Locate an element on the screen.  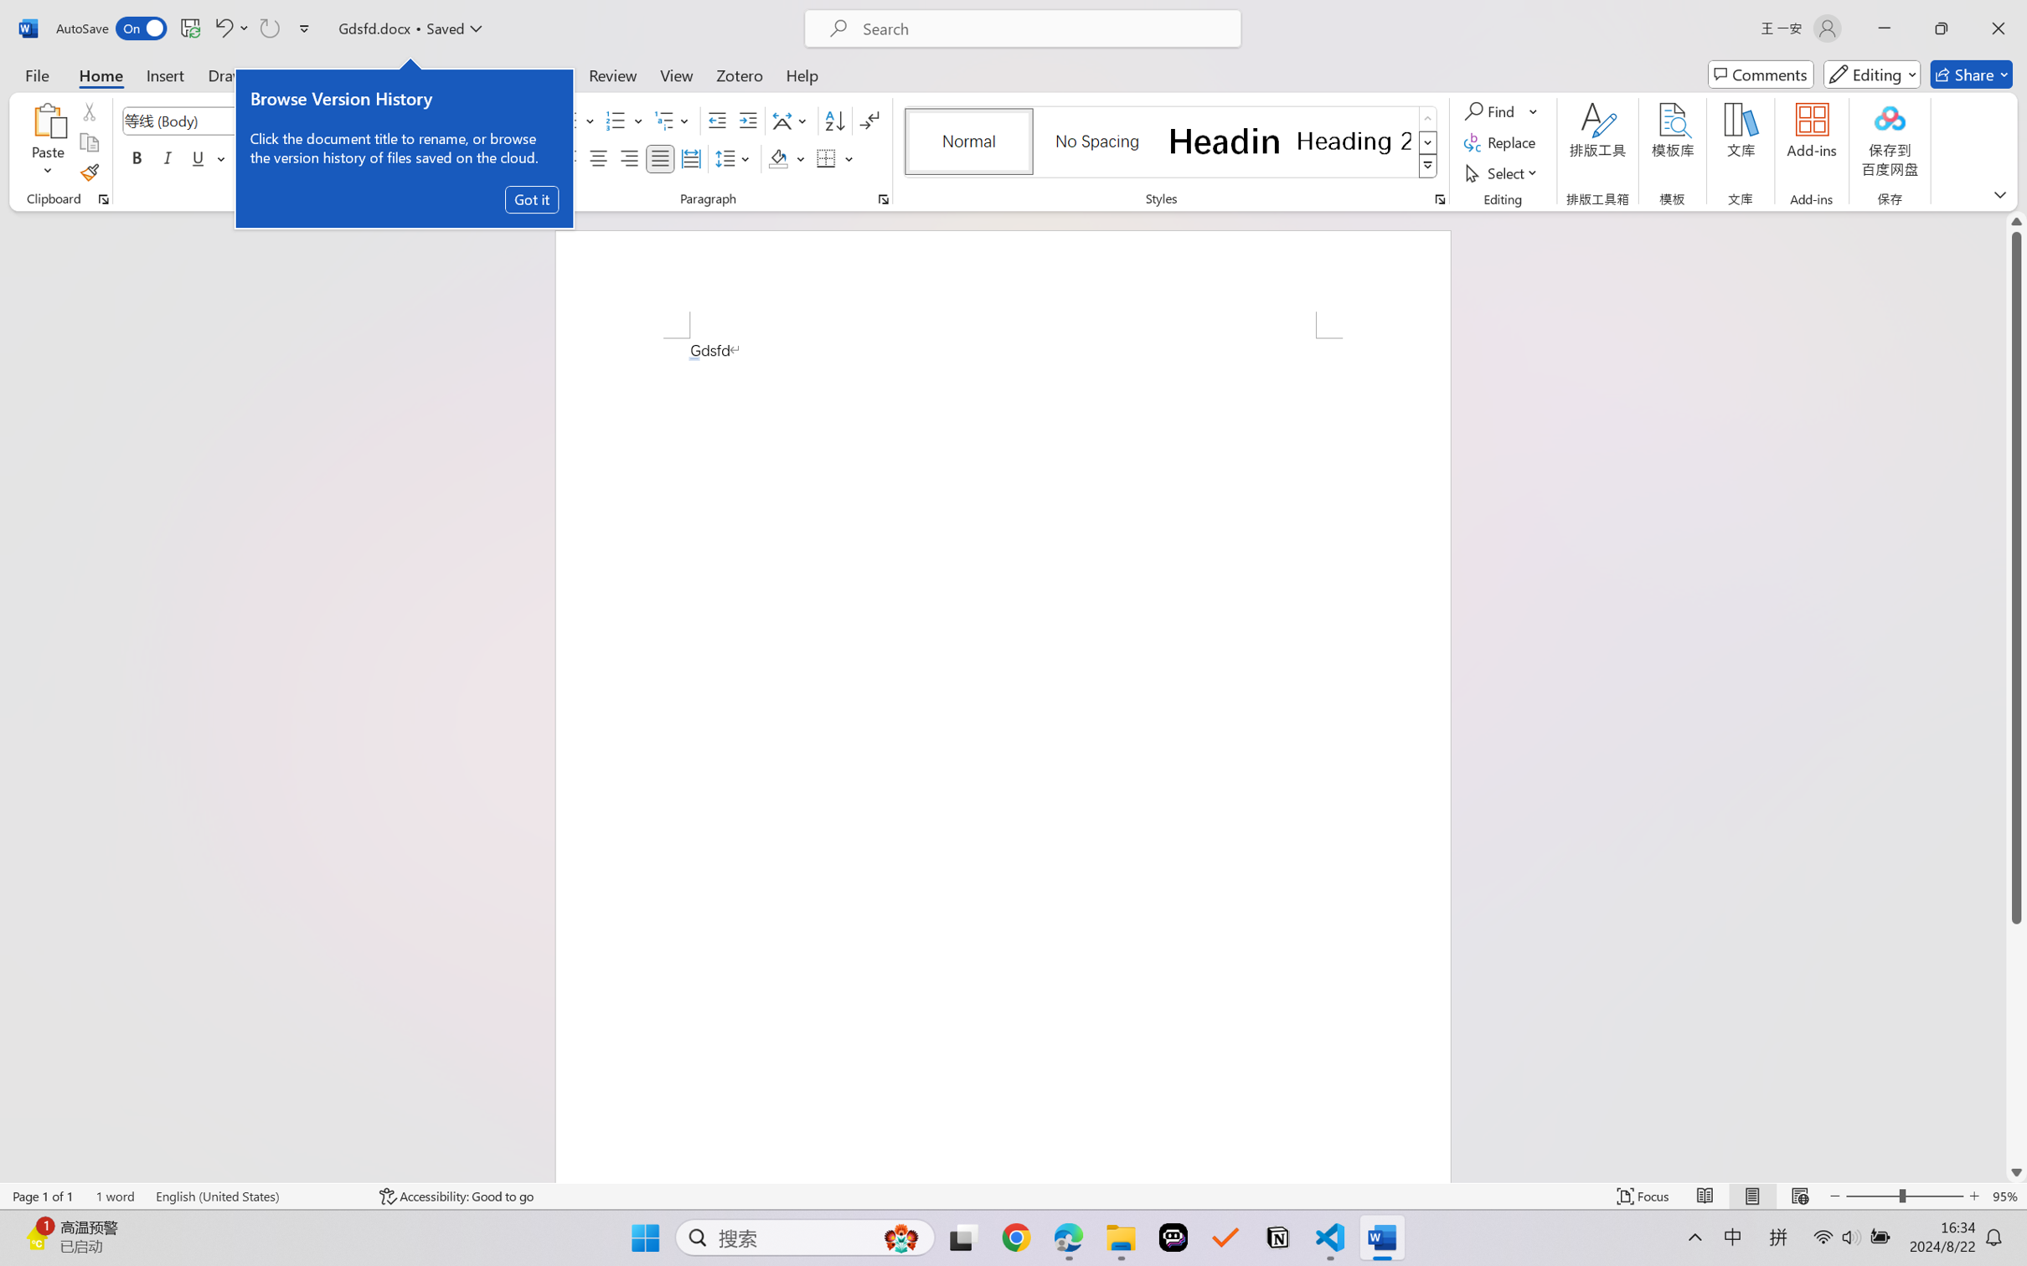
'Office Clipboard...' is located at coordinates (102, 198).